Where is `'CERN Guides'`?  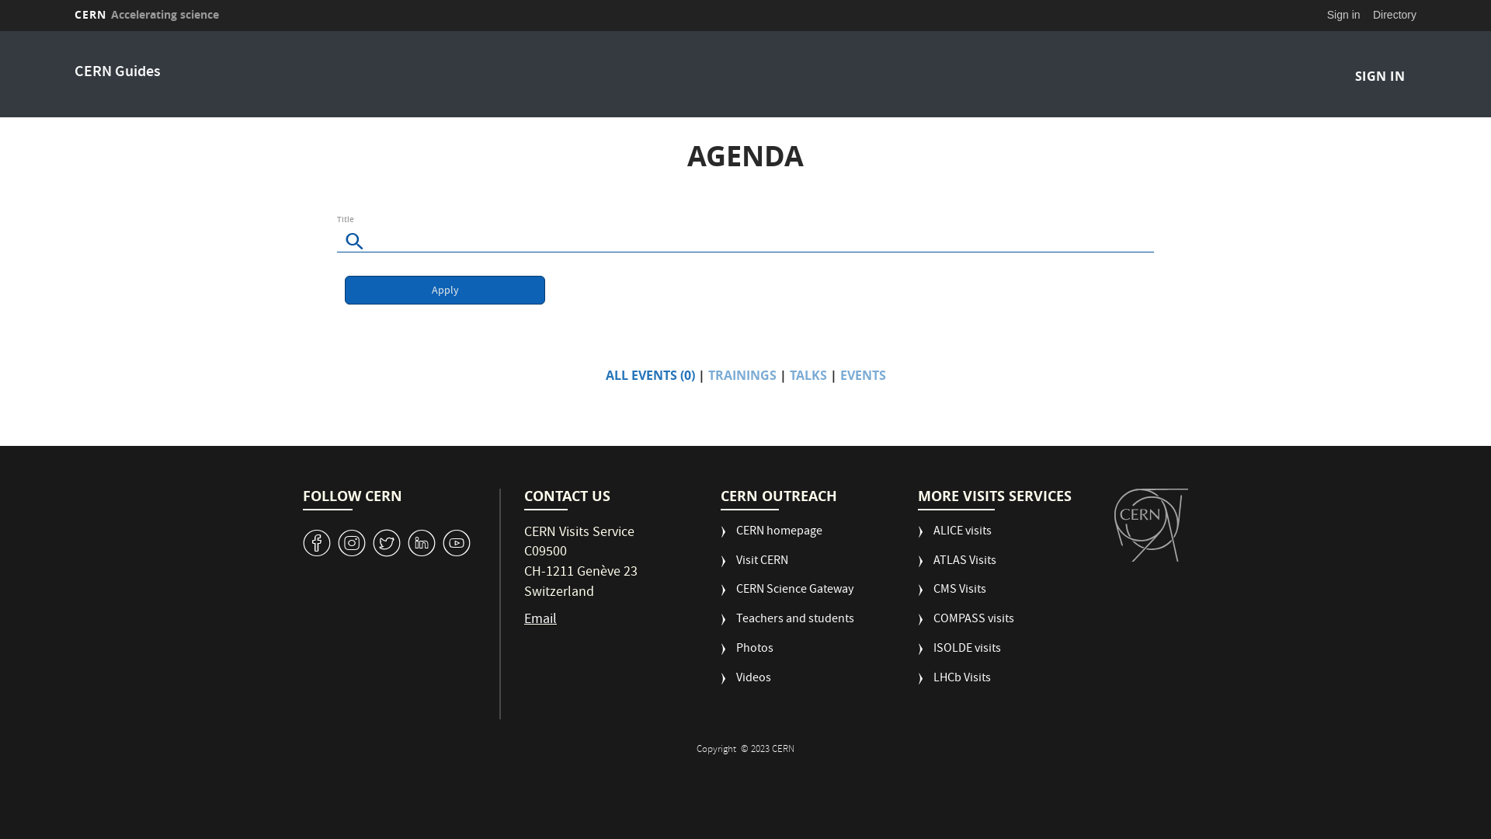
'CERN Guides' is located at coordinates (116, 72).